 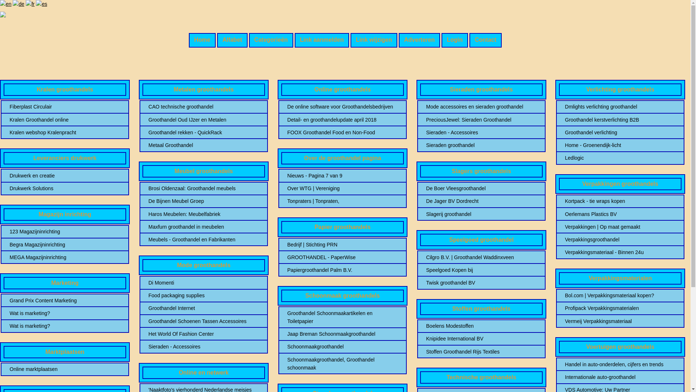 What do you see at coordinates (374, 40) in the screenshot?
I see `'Link wijzigen'` at bounding box center [374, 40].